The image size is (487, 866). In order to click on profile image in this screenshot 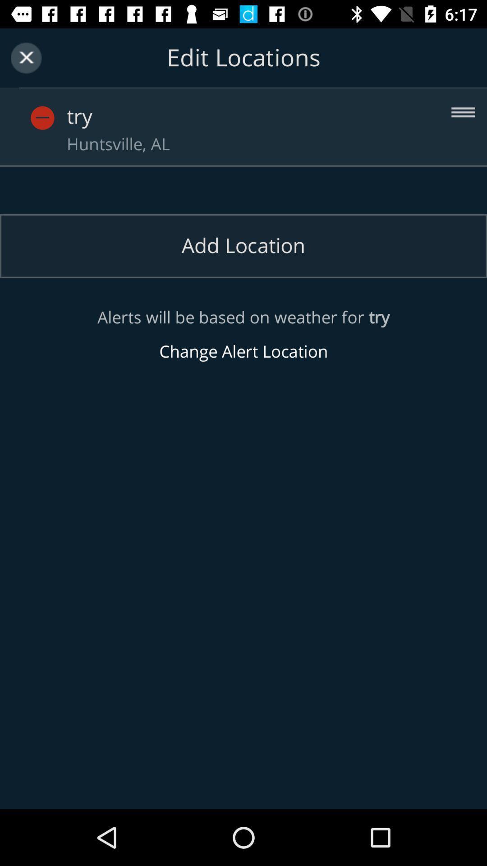, I will do `click(42, 117)`.